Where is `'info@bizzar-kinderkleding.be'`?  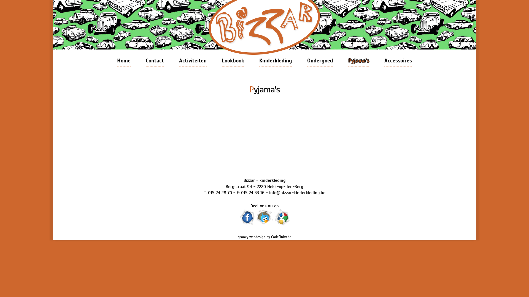 'info@bizzar-kinderkleding.be' is located at coordinates (297, 193).